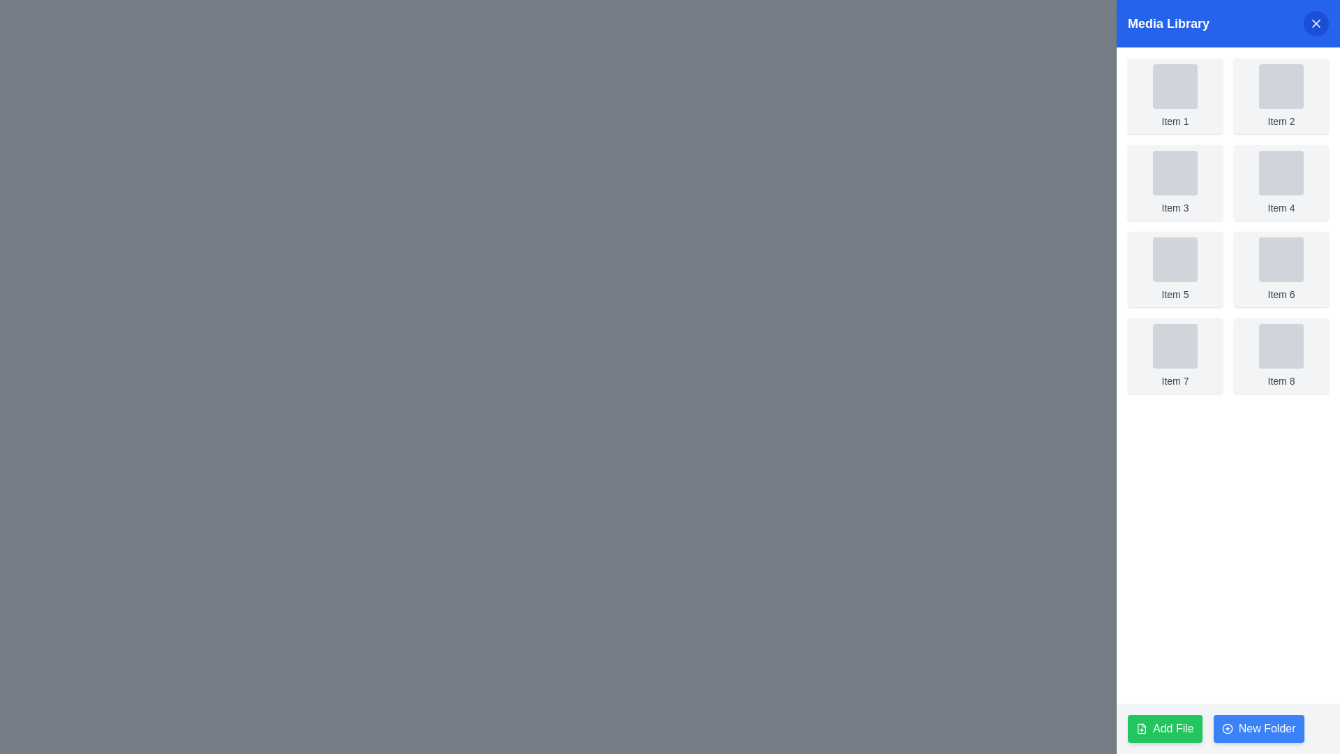 The width and height of the screenshot is (1340, 754). I want to click on the static text label displaying 'Media Library' in bold, large white font on a blue background, located on the left side of the header bar, so click(1168, 24).